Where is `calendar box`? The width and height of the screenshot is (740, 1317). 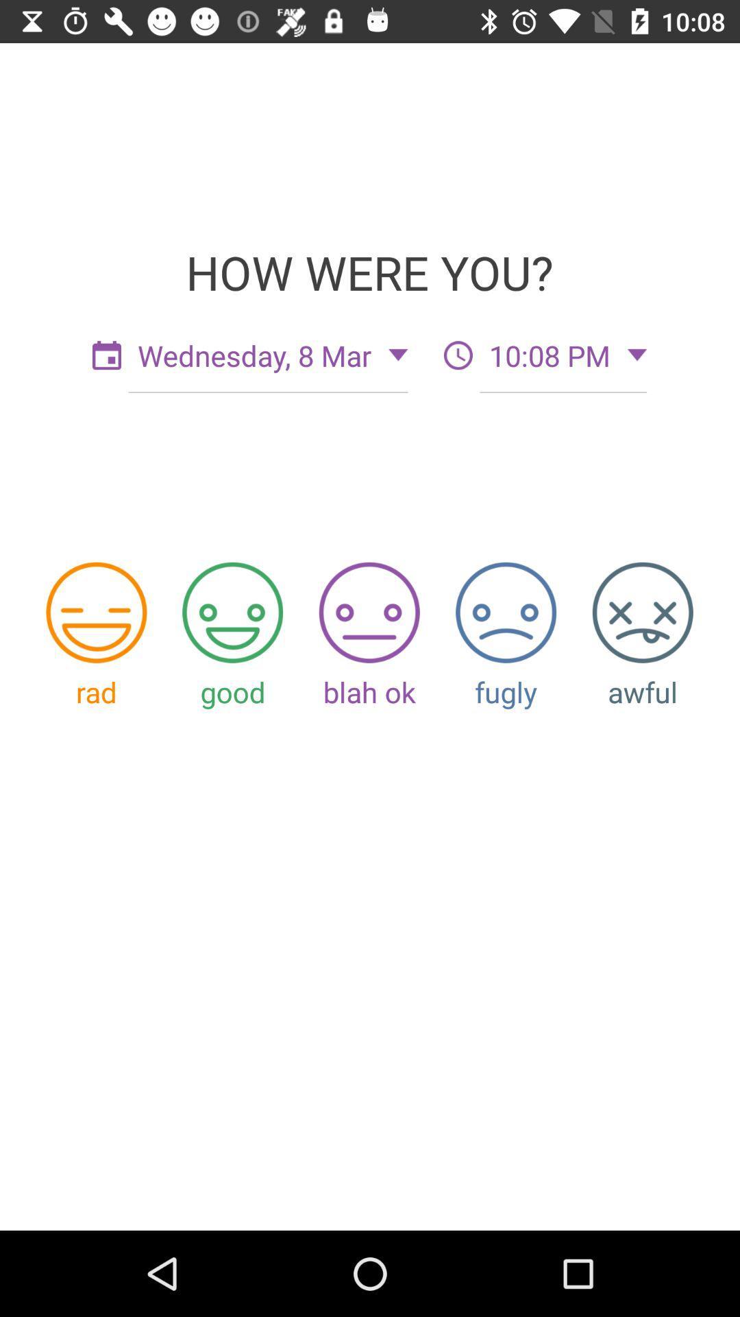
calendar box is located at coordinates (106, 355).